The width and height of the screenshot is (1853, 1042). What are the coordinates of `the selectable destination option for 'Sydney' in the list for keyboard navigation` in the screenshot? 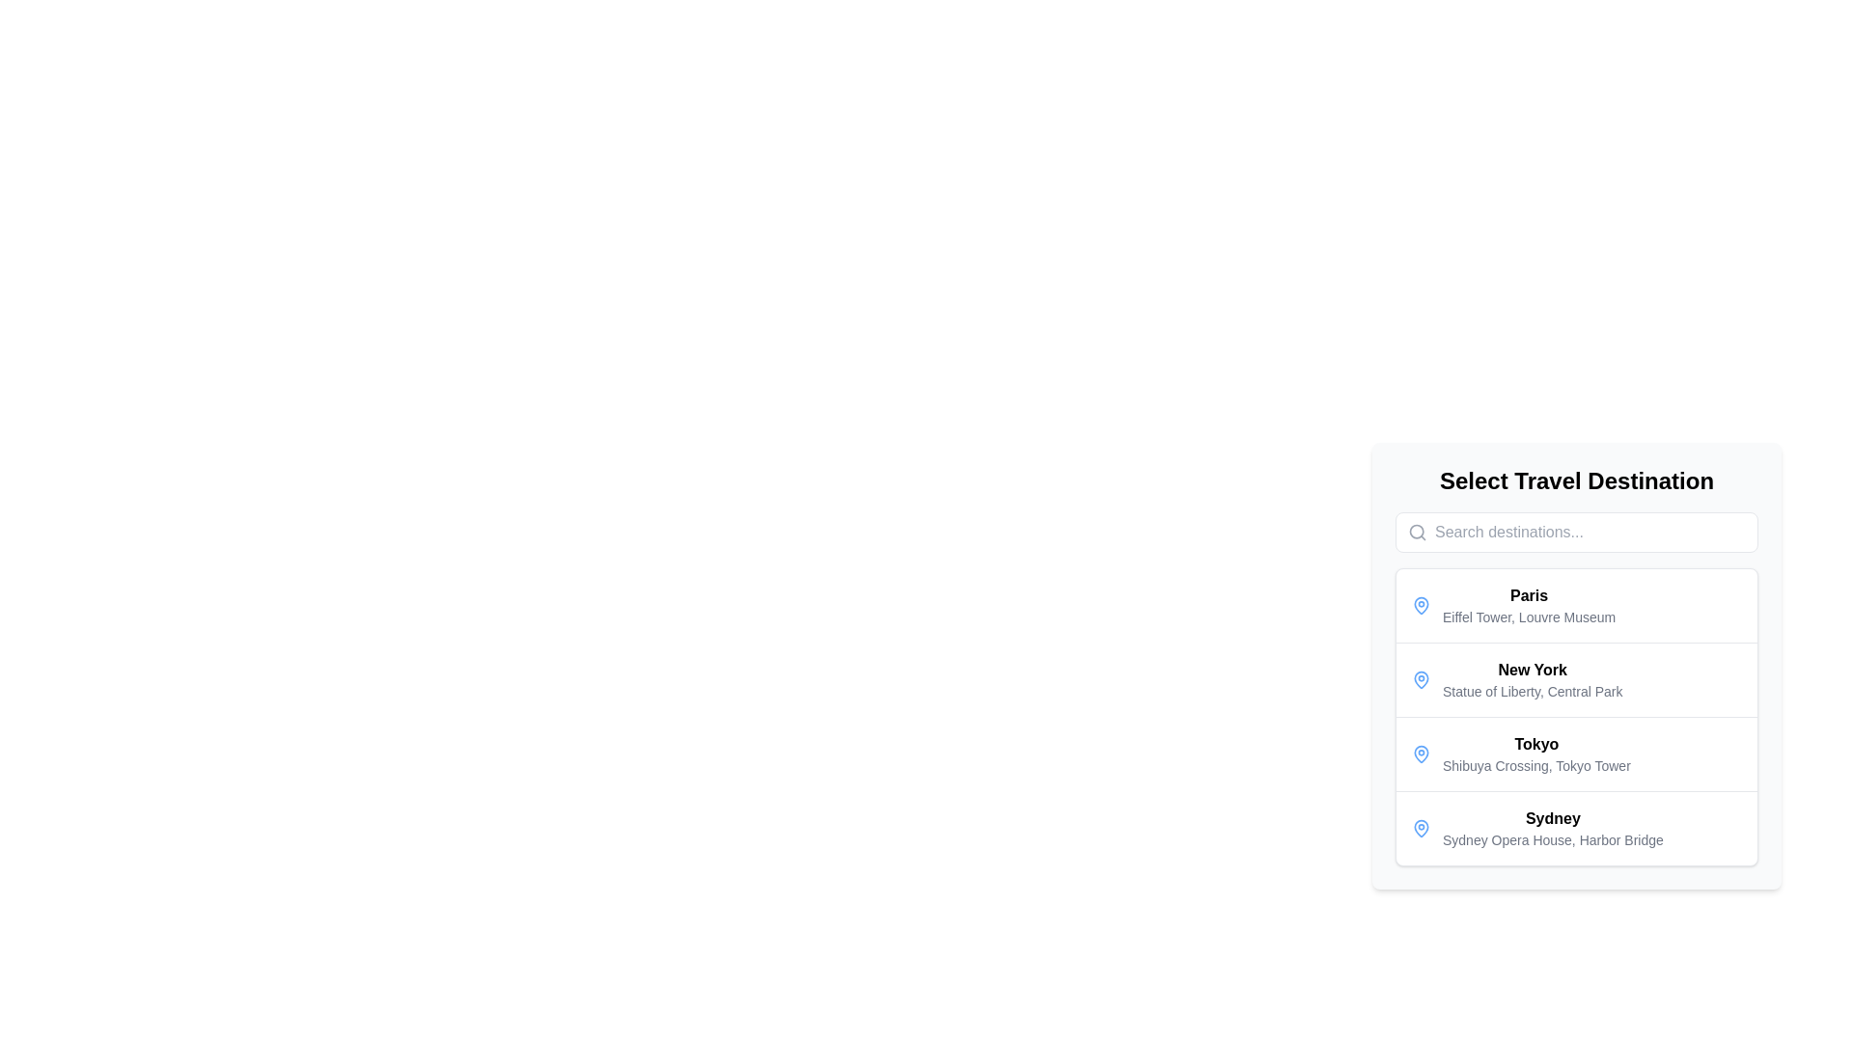 It's located at (1553, 828).